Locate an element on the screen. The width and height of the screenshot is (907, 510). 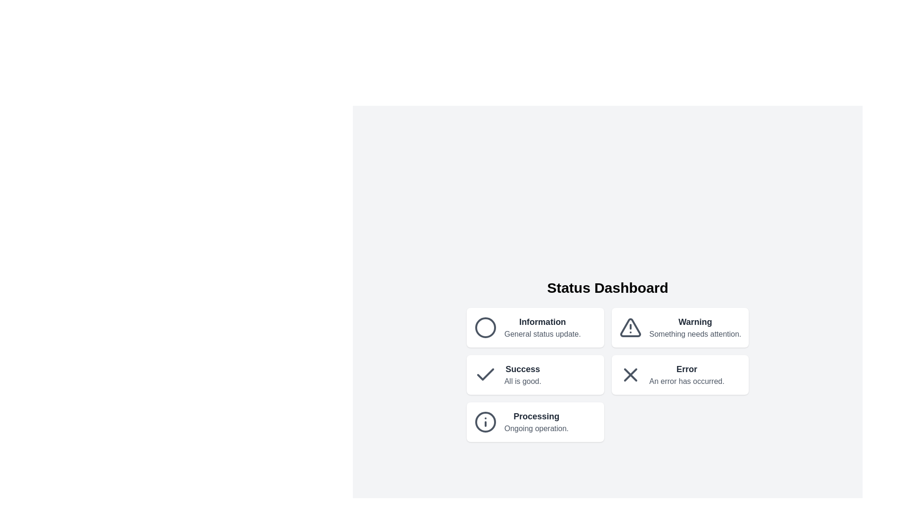
the text element displaying 'Processing' in bold, larger font size, styled with dark gray color, located at the bottom left section of the status dashboard is located at coordinates (536, 416).